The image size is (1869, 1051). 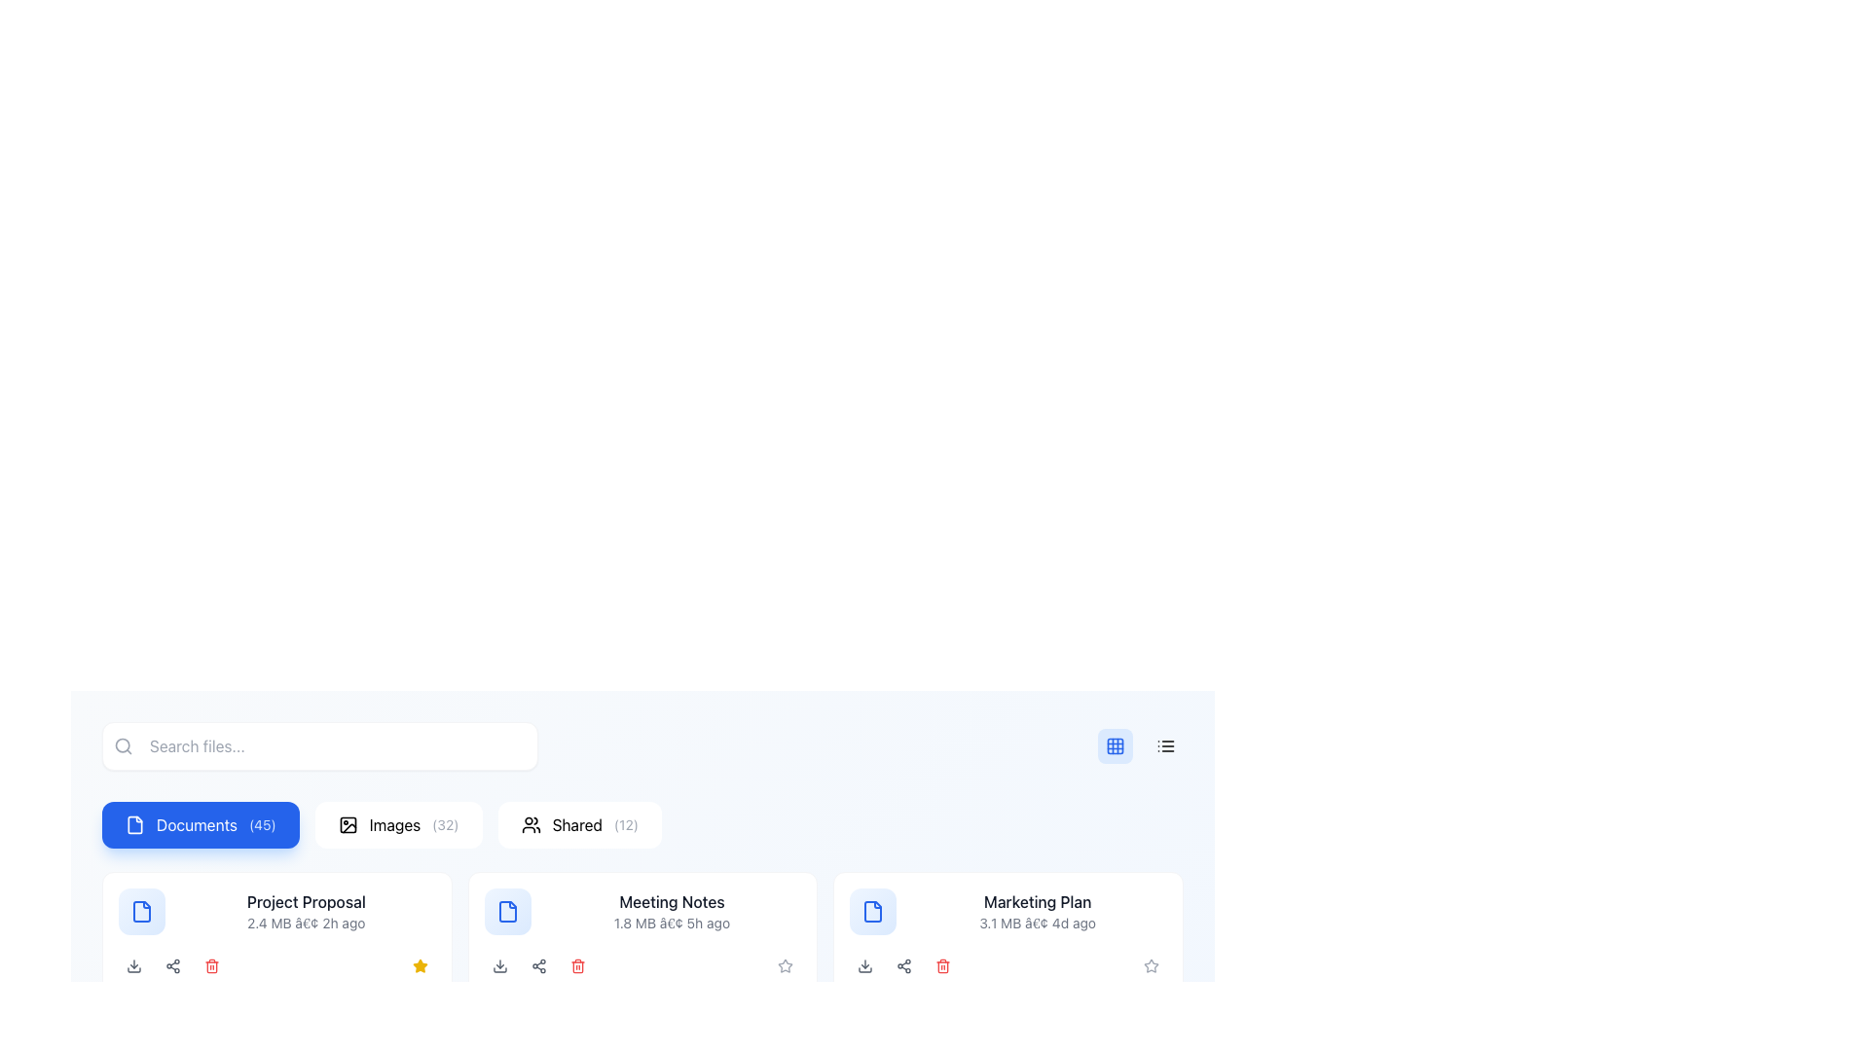 What do you see at coordinates (419, 965) in the screenshot?
I see `the yellow star-shaped icon that serves as a rating or favorite indicator located in the lower section of the interface` at bounding box center [419, 965].